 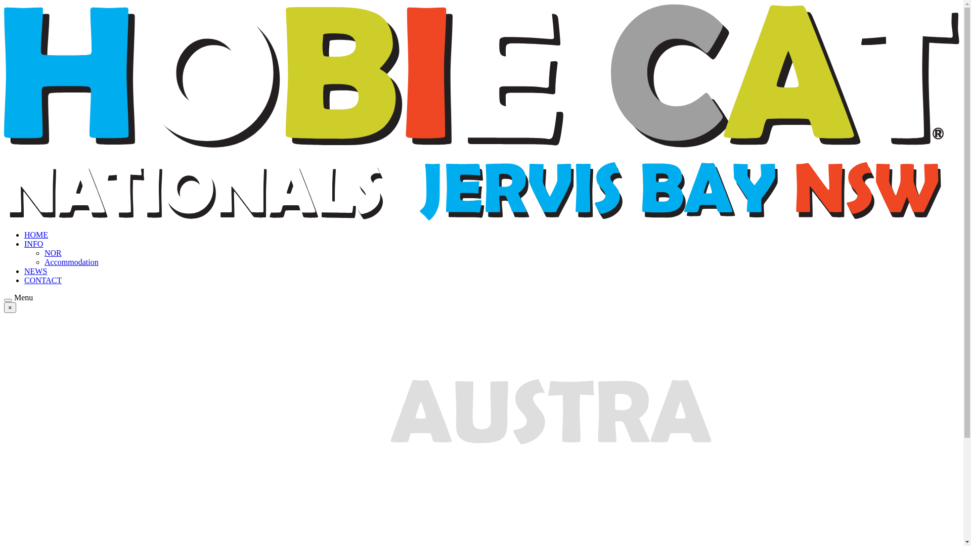 I want to click on 'CONTACT', so click(x=42, y=280).